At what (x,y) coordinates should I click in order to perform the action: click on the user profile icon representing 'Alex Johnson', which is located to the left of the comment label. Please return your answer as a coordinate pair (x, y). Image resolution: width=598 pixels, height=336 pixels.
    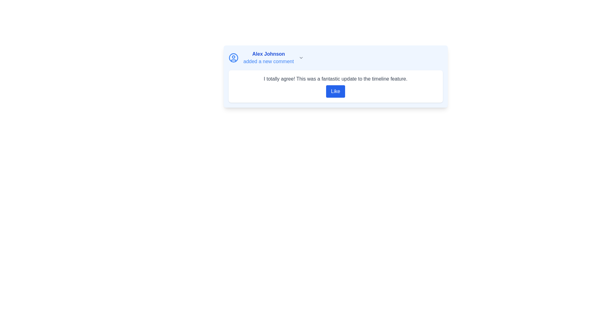
    Looking at the image, I should click on (233, 58).